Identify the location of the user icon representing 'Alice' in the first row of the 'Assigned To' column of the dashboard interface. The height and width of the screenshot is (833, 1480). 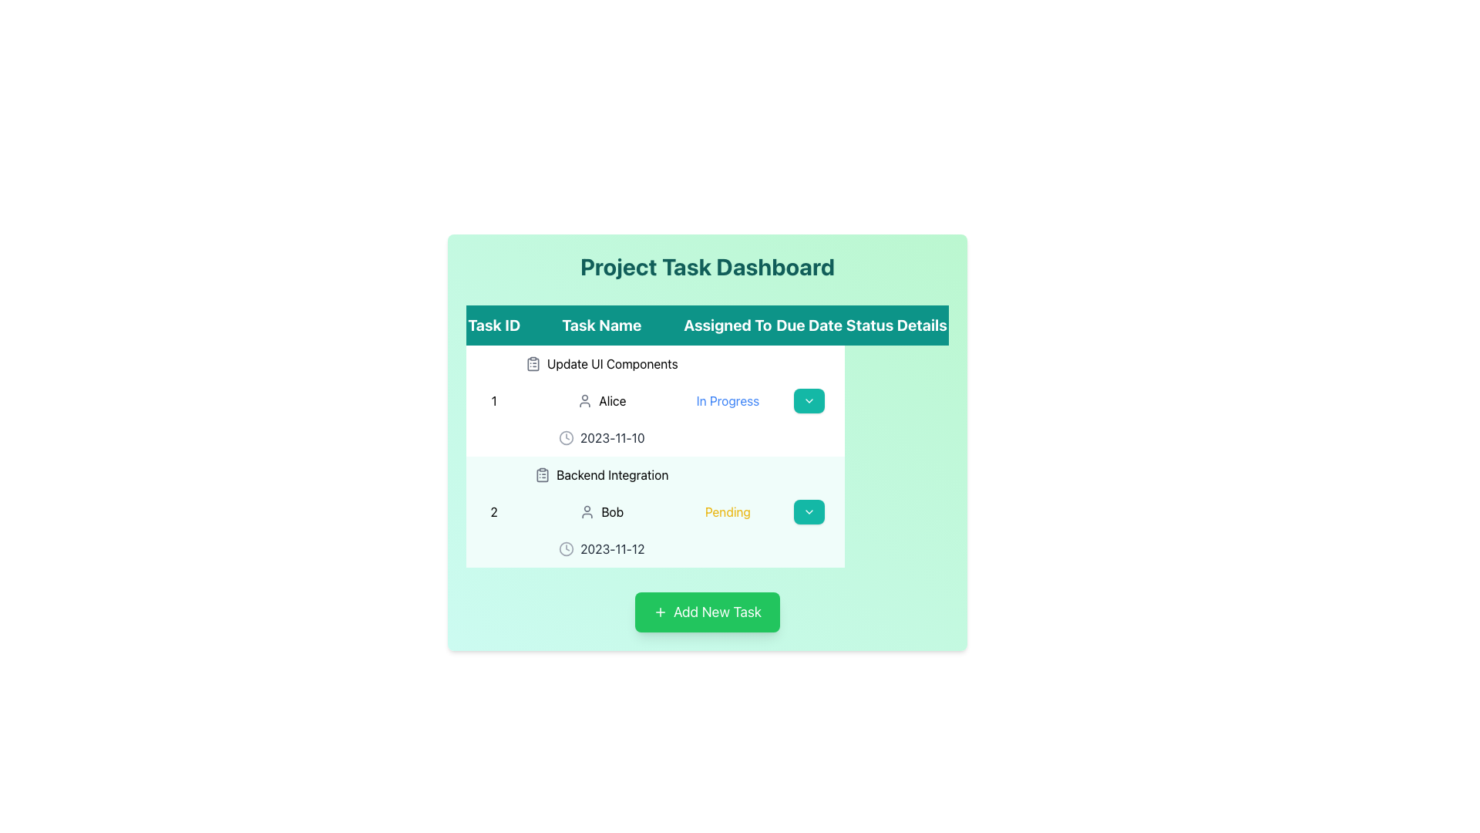
(584, 400).